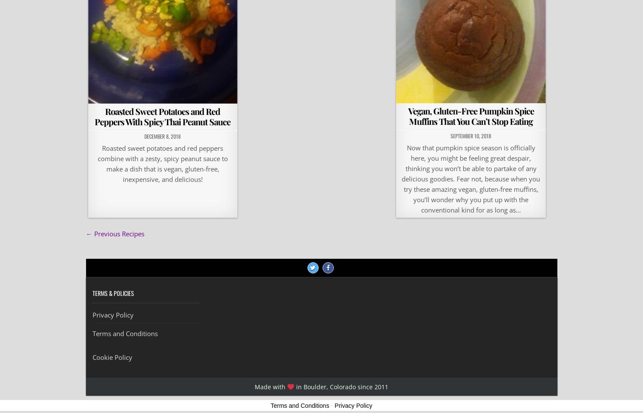  I want to click on 'Cookie Policy', so click(112, 357).